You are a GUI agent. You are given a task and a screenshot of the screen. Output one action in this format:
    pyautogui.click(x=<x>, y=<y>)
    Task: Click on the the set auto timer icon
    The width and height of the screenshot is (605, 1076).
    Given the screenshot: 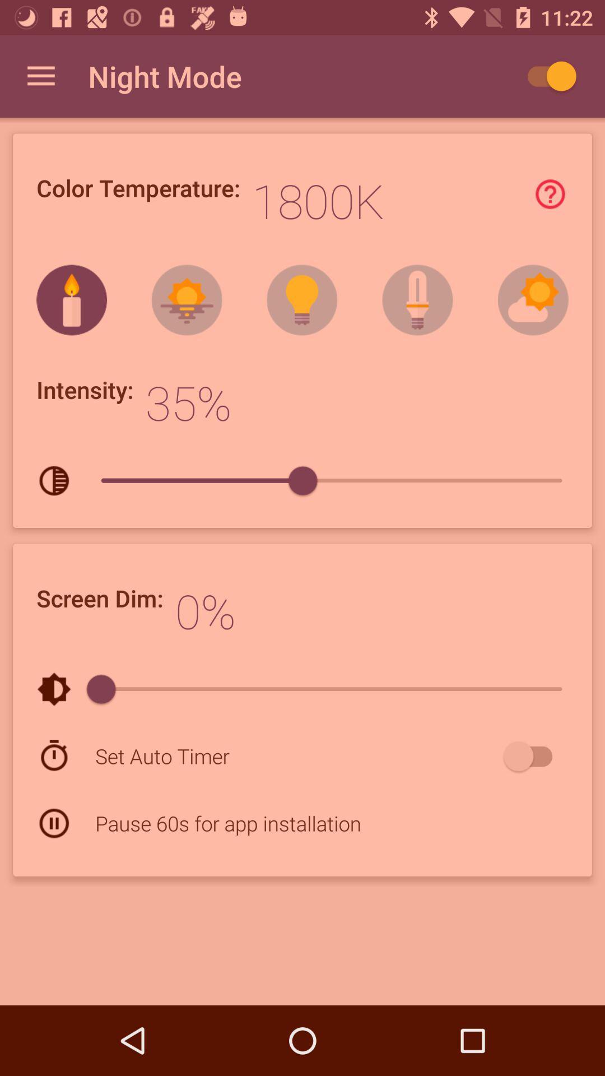 What is the action you would take?
    pyautogui.click(x=296, y=756)
    